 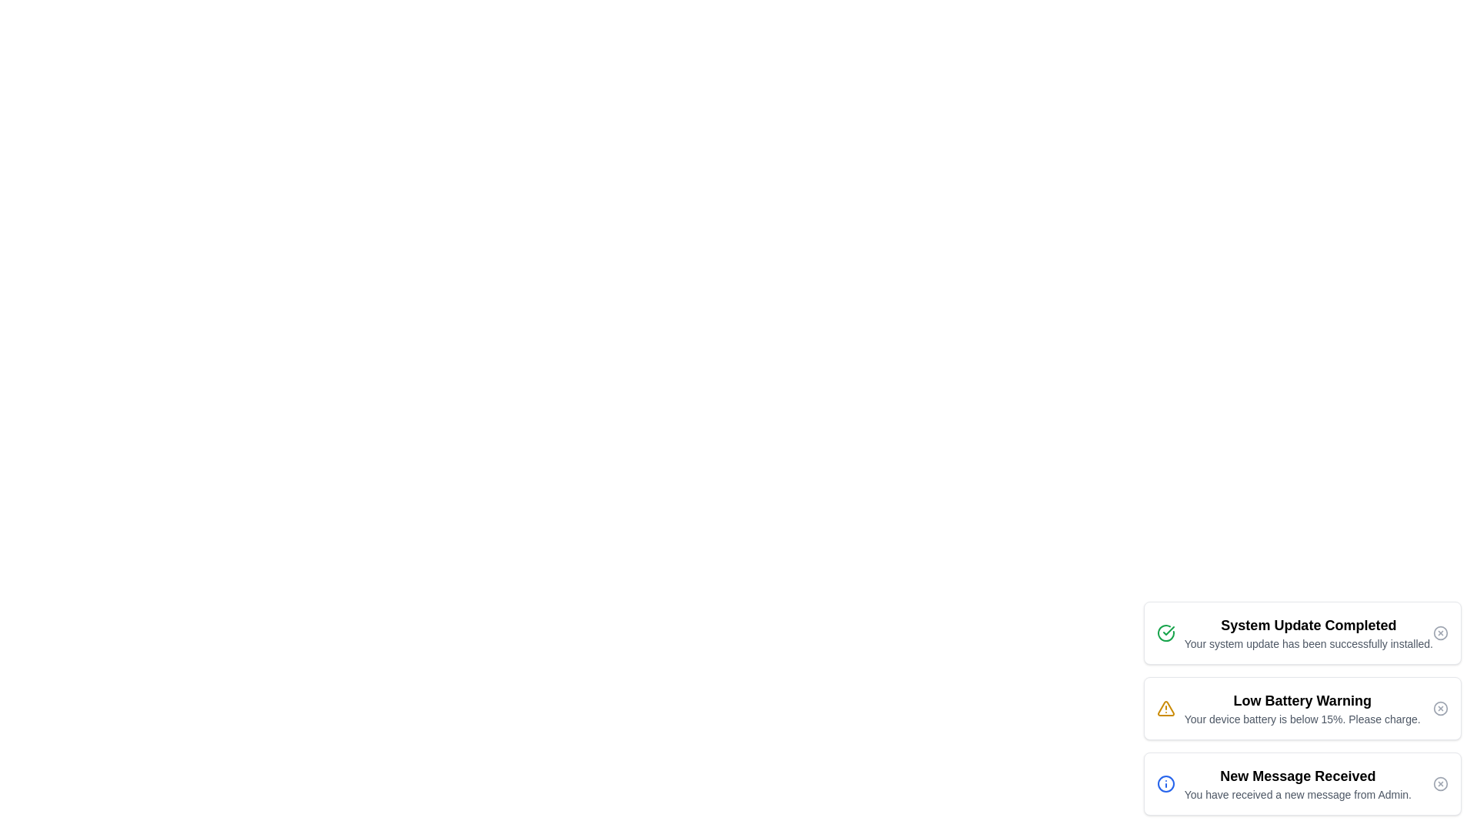 I want to click on the green circular icon with a checkmark inside, which is part of the 'System Update Completed' notification block, so click(x=1165, y=632).